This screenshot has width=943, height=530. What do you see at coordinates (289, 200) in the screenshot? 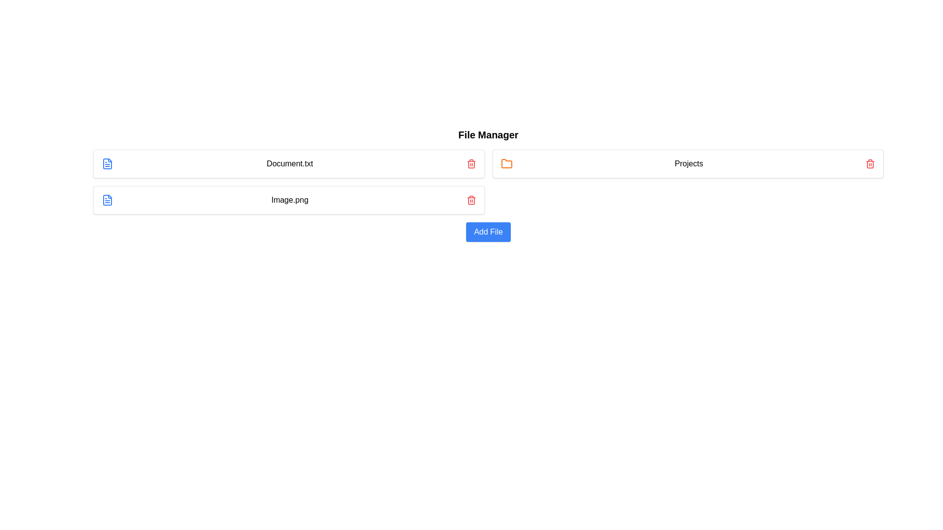
I see `the text label displaying the file name 'Image.png' located in the second row of the file list in the file manager interface` at bounding box center [289, 200].